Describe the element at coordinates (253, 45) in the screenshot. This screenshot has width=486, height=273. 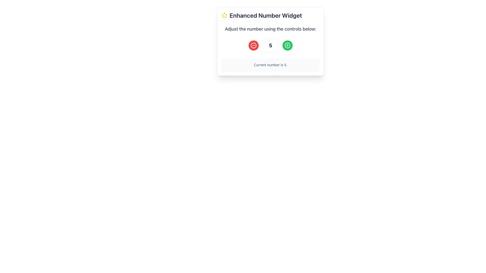
I see `the circular red button with a white minus (-) symbol to observe the hover effect` at that location.